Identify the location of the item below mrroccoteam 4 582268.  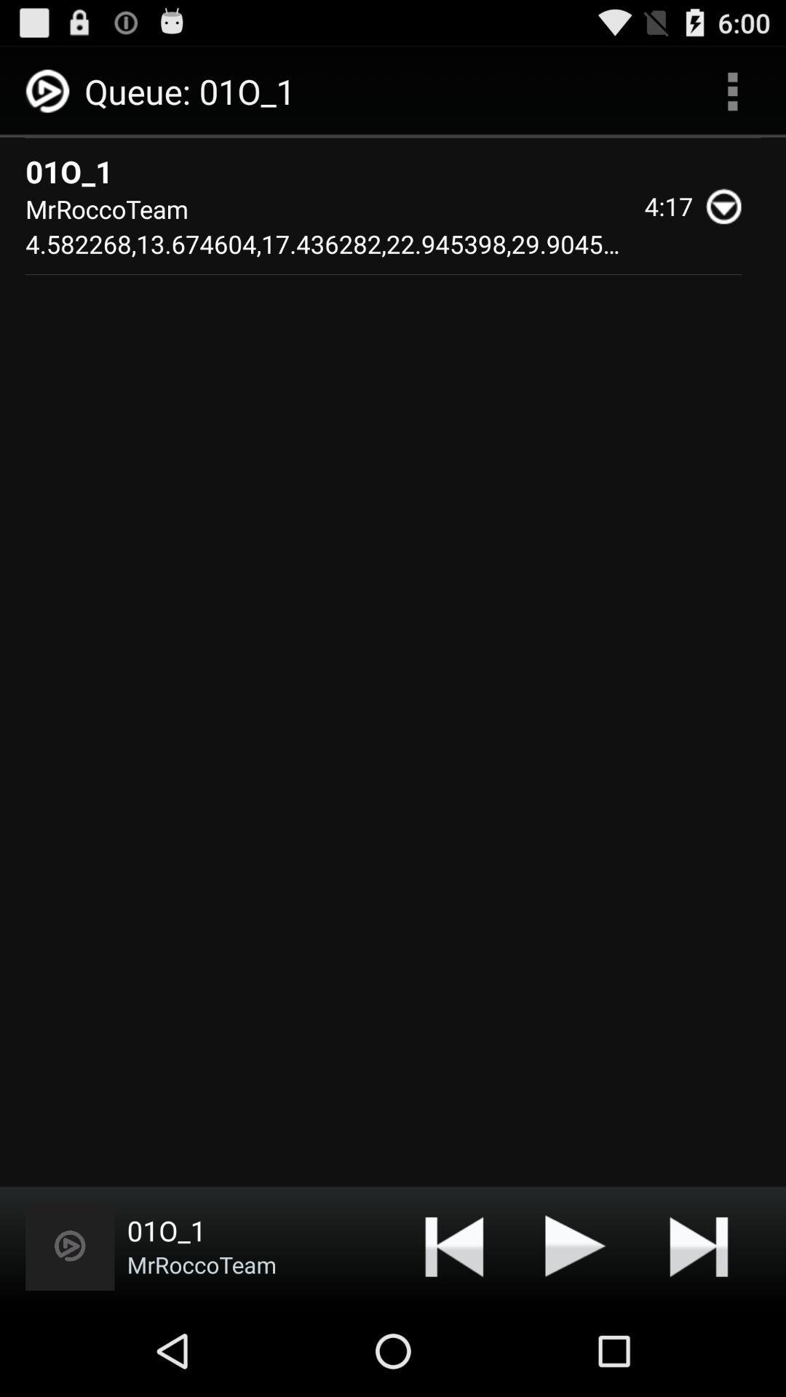
(453, 1245).